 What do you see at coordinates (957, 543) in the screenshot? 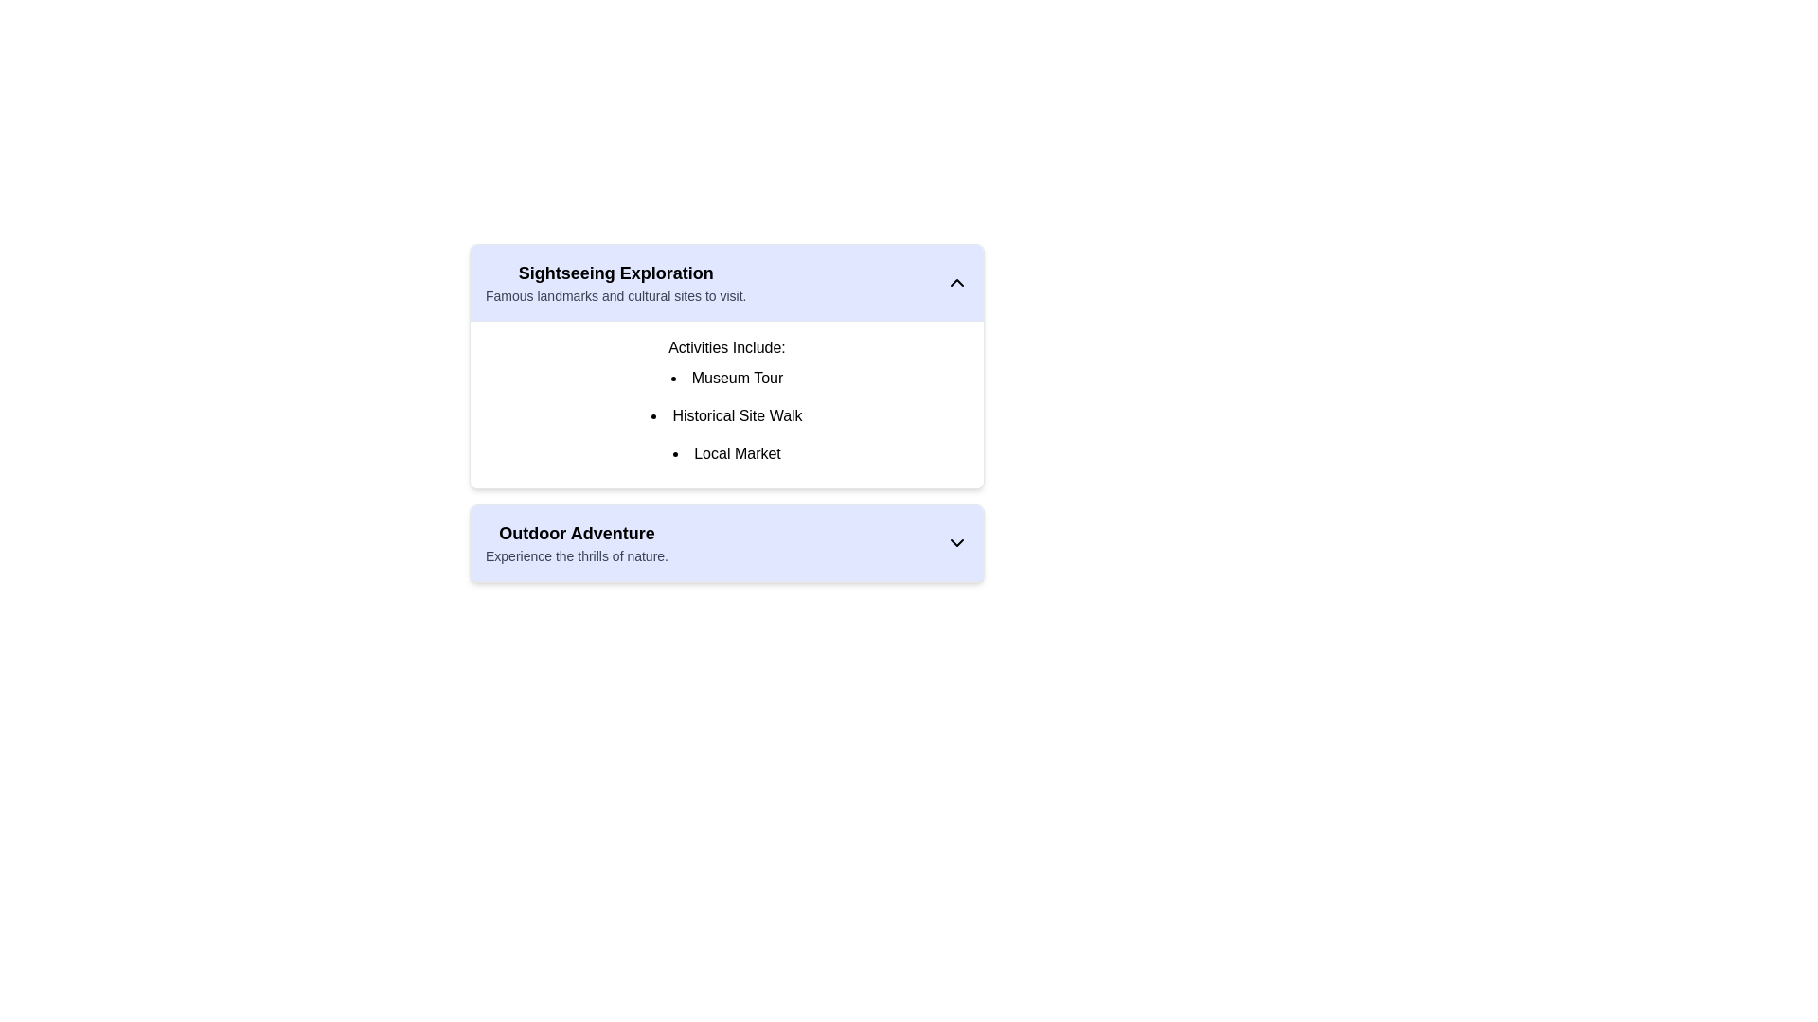
I see `the chevron icon located at the right end of the 'Outdoor Adventure' section` at bounding box center [957, 543].